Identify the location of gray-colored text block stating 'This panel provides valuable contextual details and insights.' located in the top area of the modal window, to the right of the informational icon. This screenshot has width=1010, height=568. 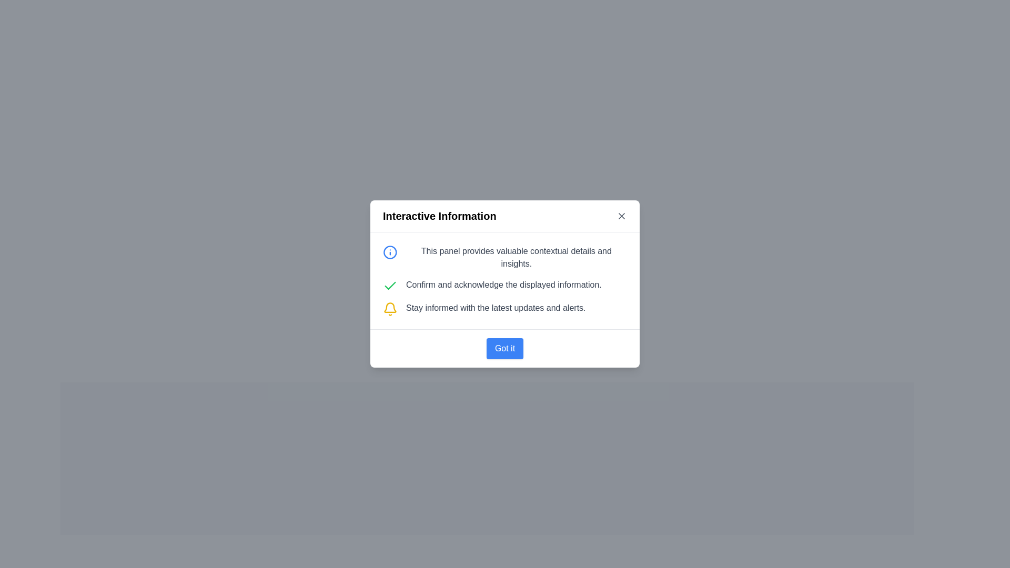
(516, 257).